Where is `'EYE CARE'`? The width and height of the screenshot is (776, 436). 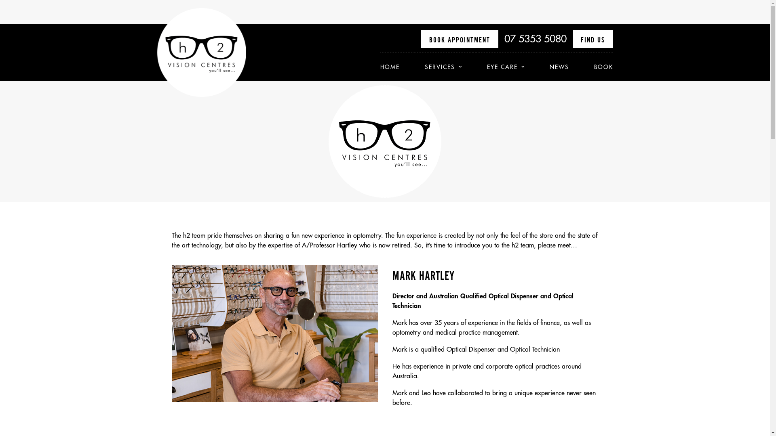
'EYE CARE' is located at coordinates (475, 66).